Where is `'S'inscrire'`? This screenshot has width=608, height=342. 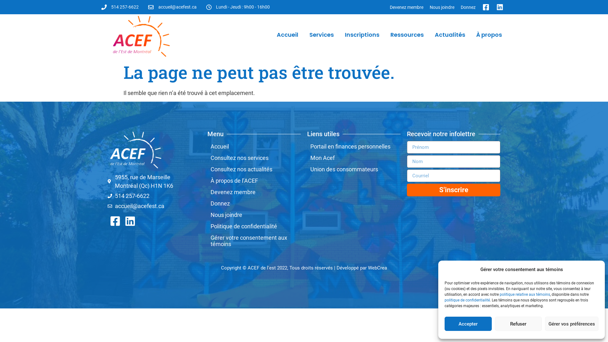
'S'inscrire' is located at coordinates (453, 190).